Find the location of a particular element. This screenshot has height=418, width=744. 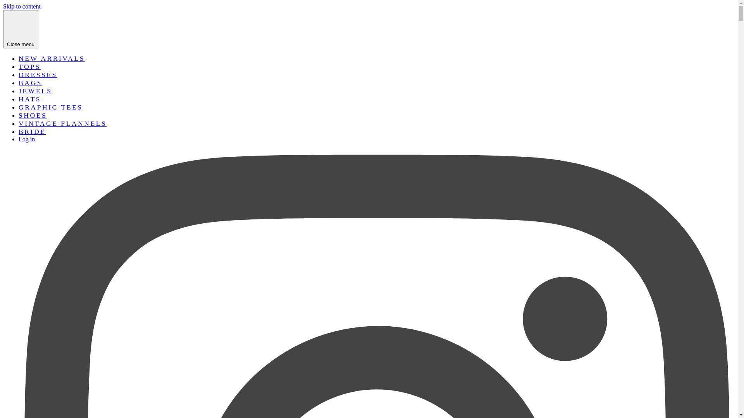

'HATS' is located at coordinates (29, 98).